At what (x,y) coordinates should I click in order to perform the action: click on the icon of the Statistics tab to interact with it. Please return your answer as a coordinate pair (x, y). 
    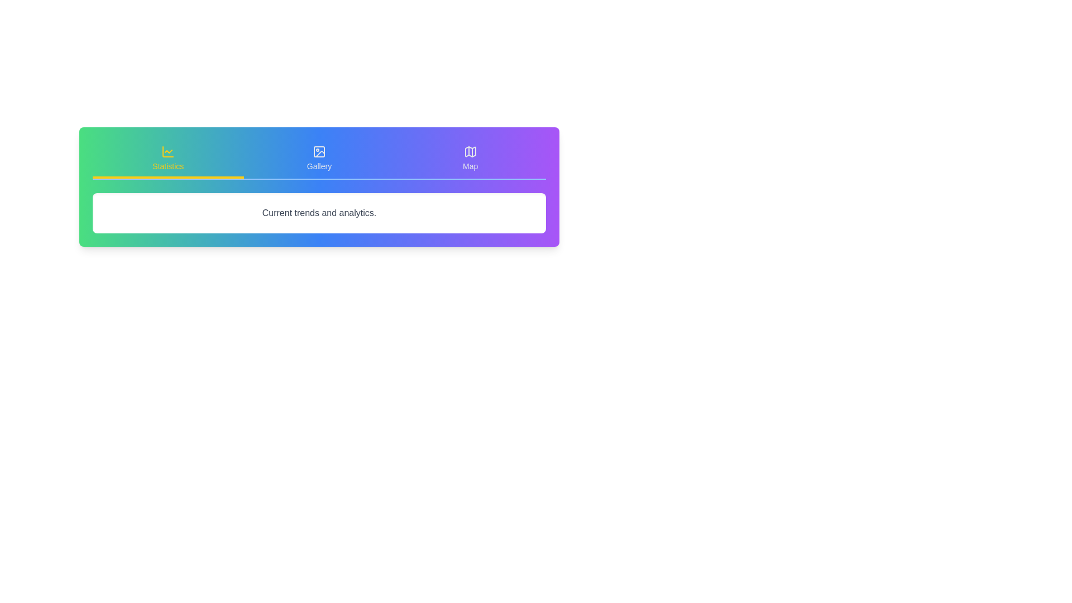
    Looking at the image, I should click on (167, 152).